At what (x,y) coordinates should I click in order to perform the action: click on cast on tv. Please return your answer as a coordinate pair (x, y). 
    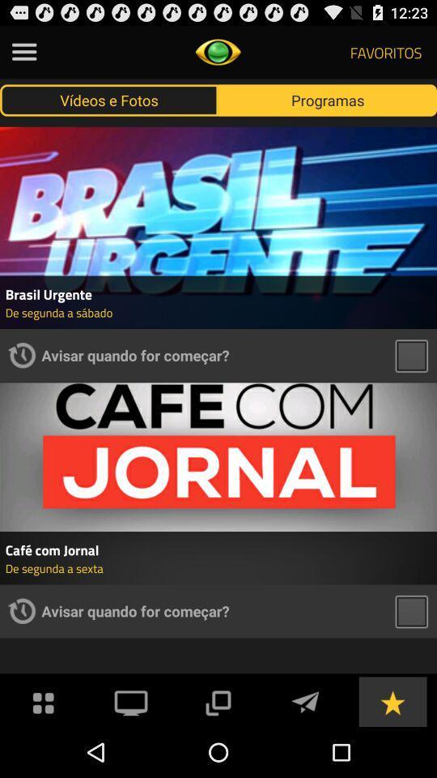
    Looking at the image, I should click on (130, 700).